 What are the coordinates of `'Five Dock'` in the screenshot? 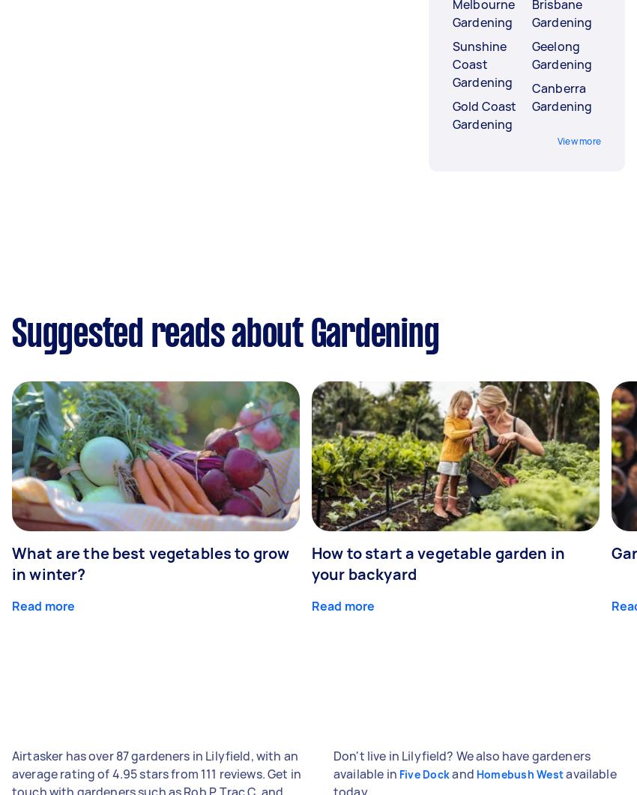 It's located at (424, 773).